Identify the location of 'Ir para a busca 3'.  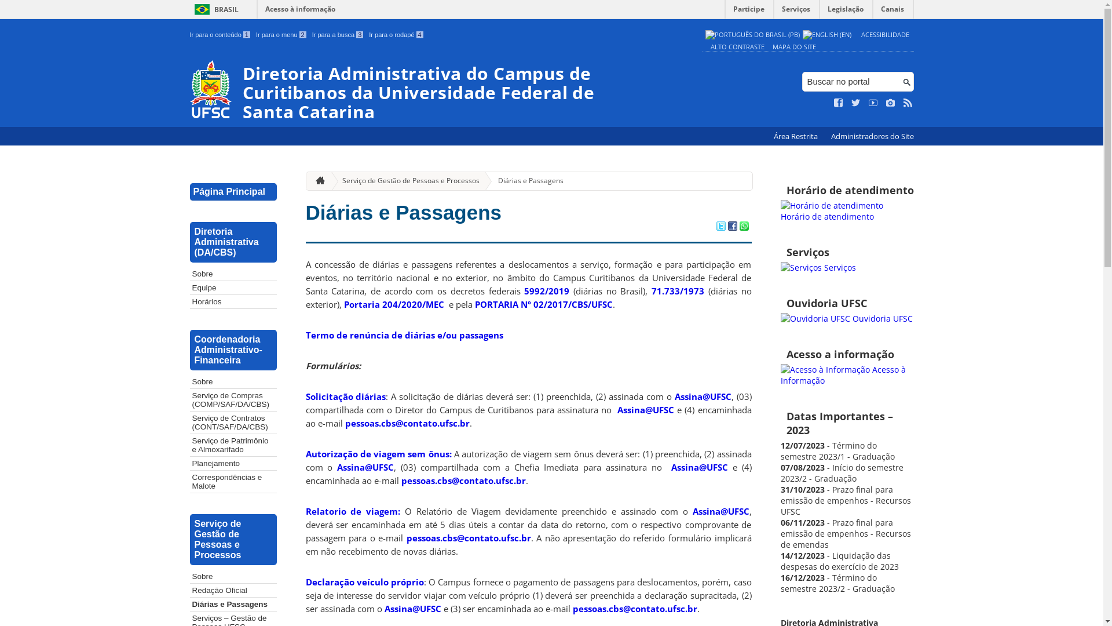
(337, 34).